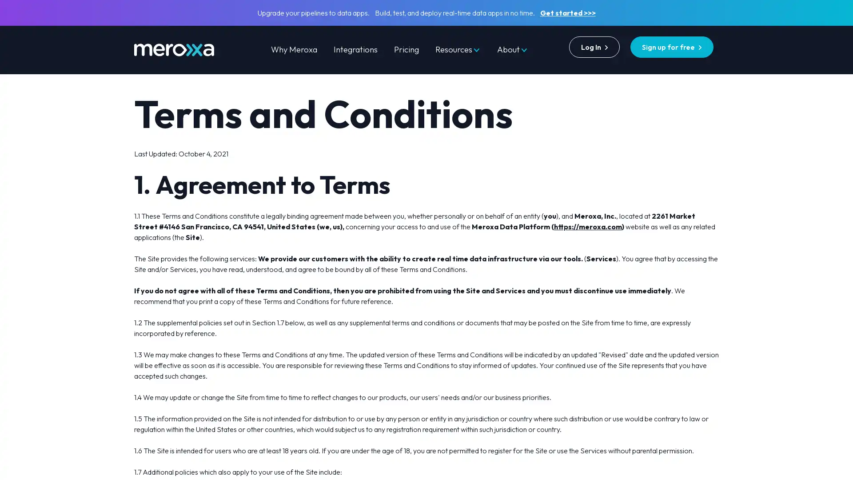 This screenshot has height=480, width=853. Describe the element at coordinates (512, 49) in the screenshot. I see `About` at that location.